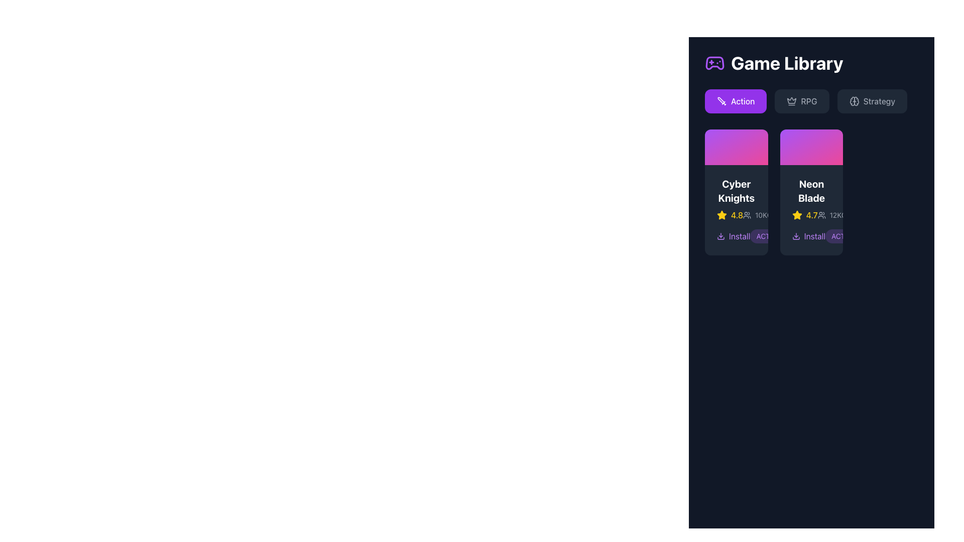  I want to click on the 'Cyber Knights' interactive card, so click(736, 192).